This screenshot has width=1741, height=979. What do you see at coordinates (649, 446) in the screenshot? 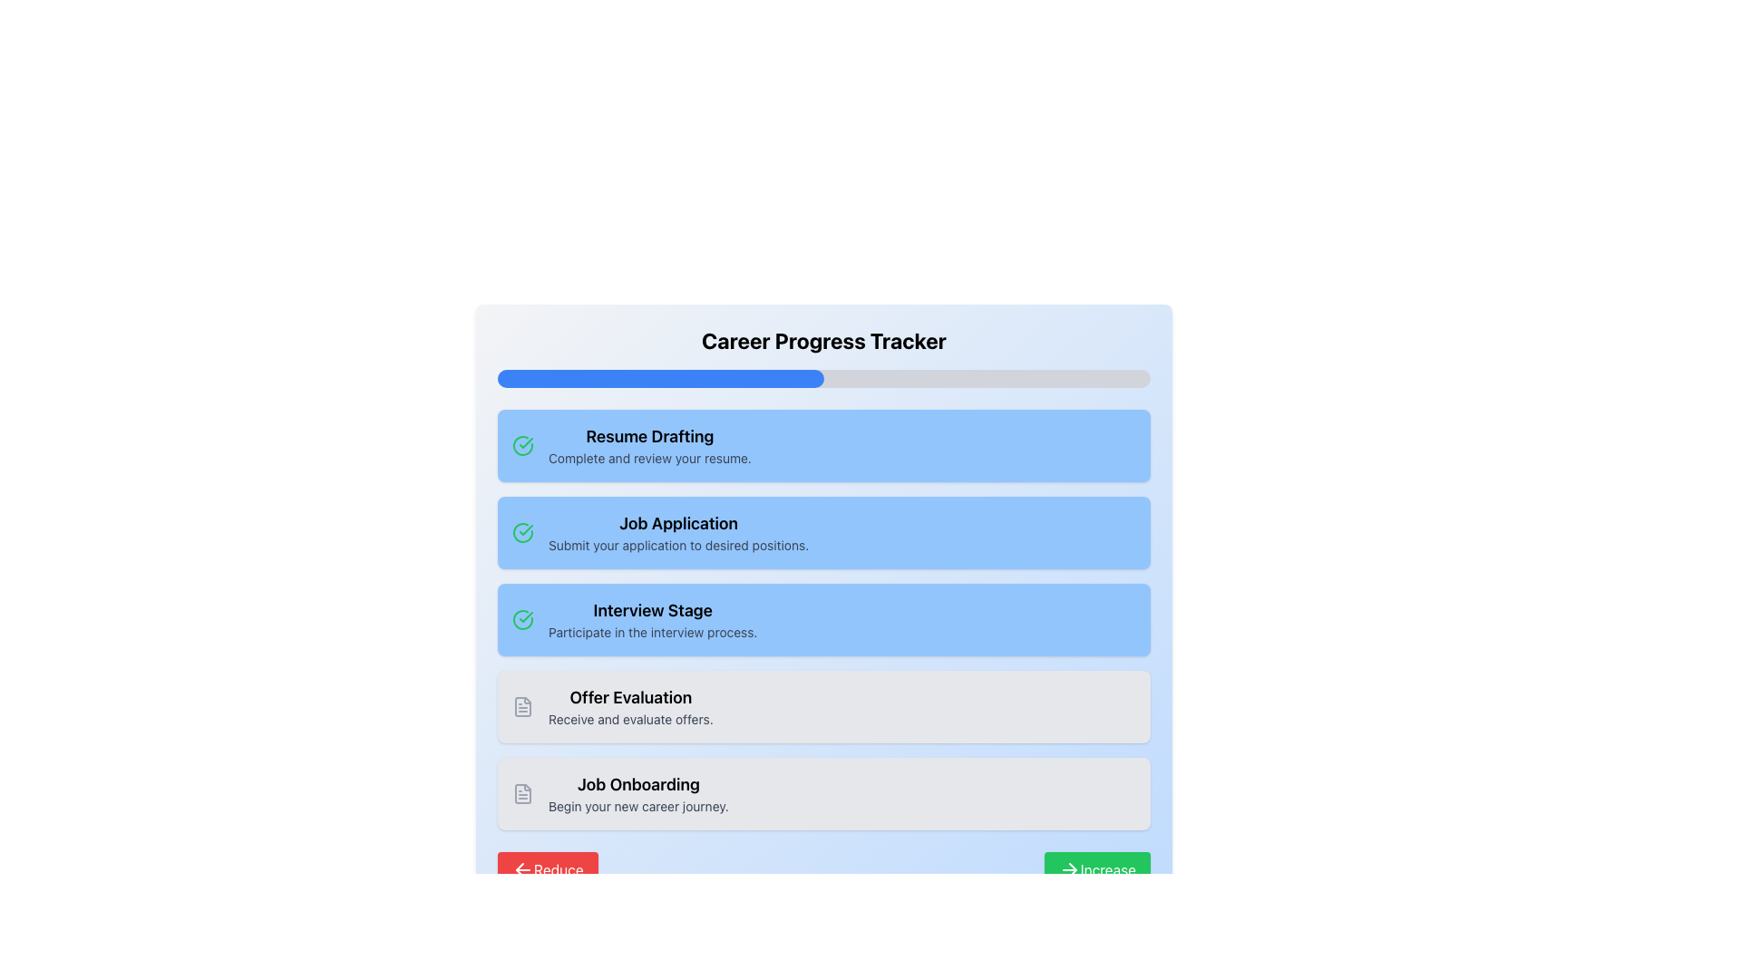
I see `the 'Resume Drafting' informational text block with a light blue background` at bounding box center [649, 446].